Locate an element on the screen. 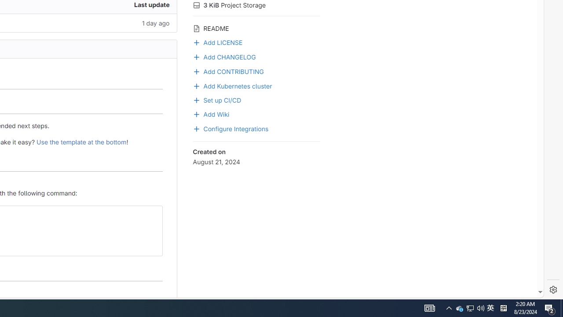 Image resolution: width=563 pixels, height=317 pixels. 'Use the template at the bottom' is located at coordinates (81, 141).